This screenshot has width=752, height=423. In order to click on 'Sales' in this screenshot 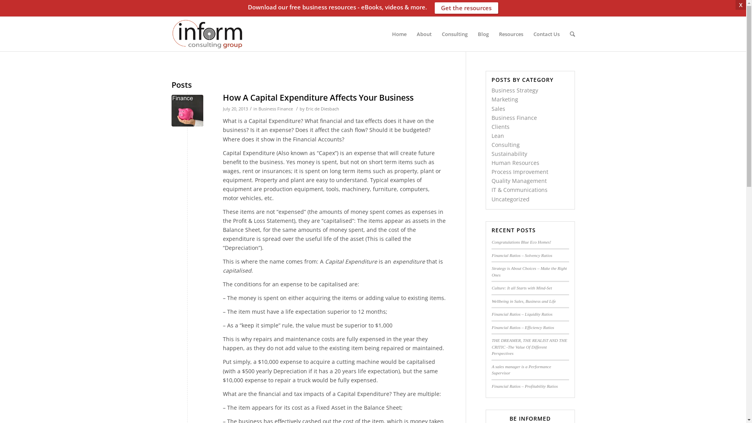, I will do `click(498, 108)`.